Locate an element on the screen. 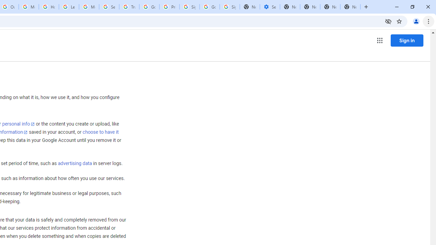 This screenshot has width=436, height=245. 'Google Ads - Sign in' is located at coordinates (149, 7).